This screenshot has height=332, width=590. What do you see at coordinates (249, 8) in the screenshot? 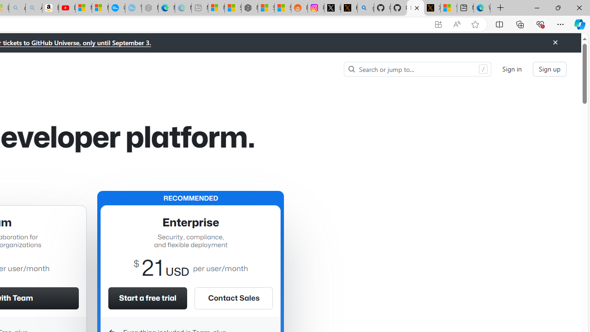
I see `'Nordace - Duffels'` at bounding box center [249, 8].